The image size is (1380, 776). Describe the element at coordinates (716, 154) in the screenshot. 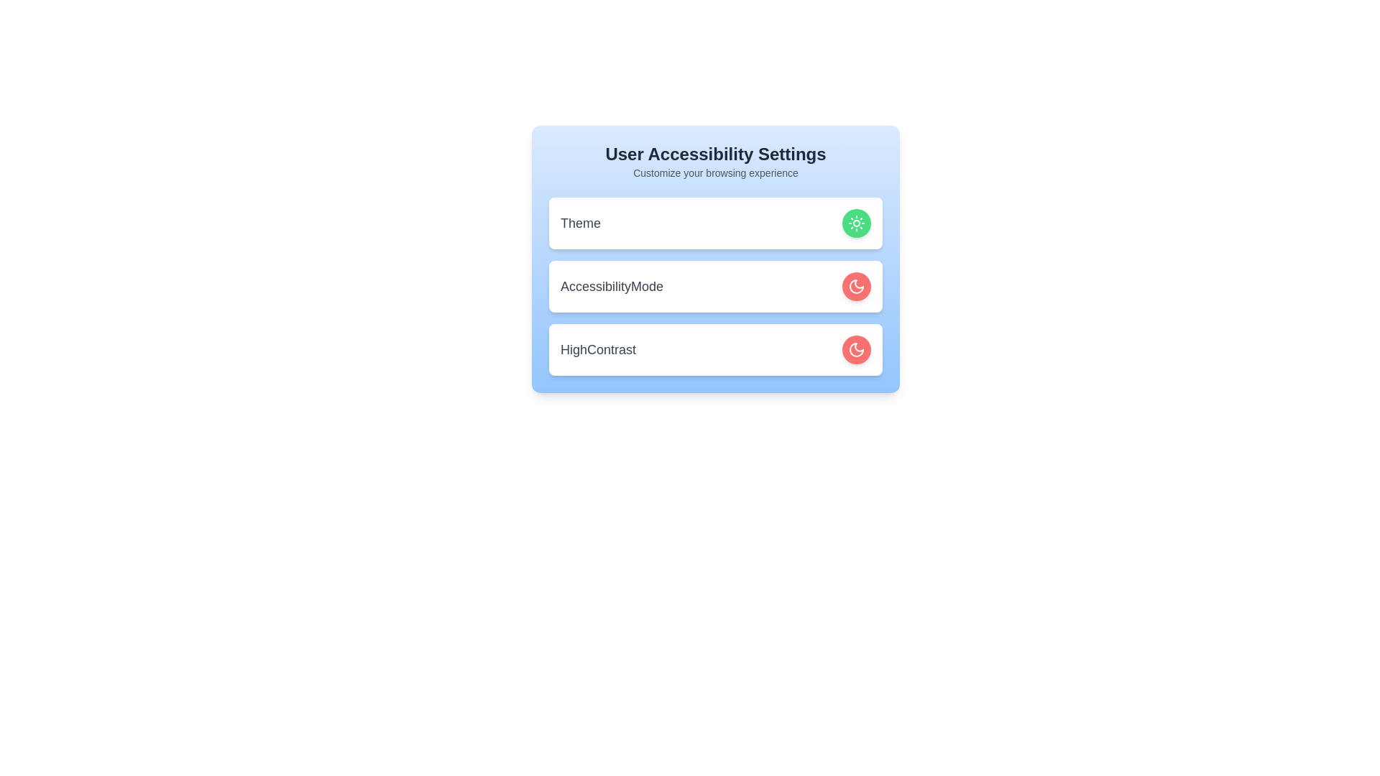

I see `the header text to examine its properties` at that location.